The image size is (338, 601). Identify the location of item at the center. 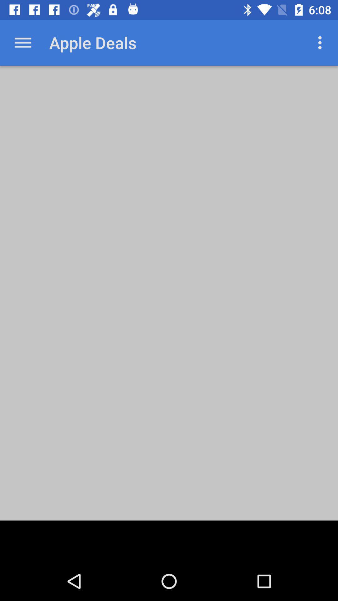
(169, 293).